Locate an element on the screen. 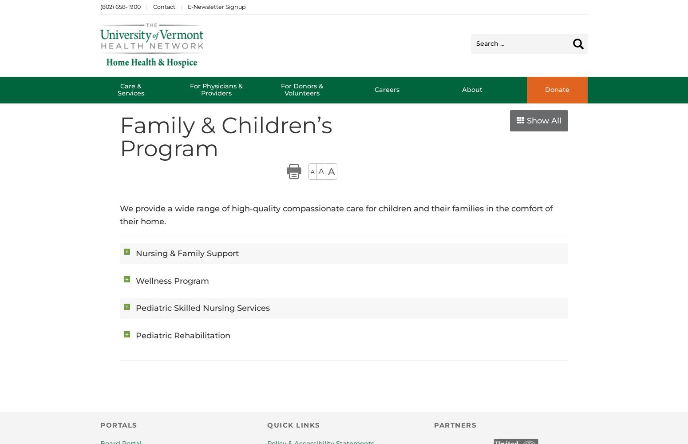 The width and height of the screenshot is (688, 444). 'We provide a wide range of high-quality compassionate care for children and their families in the comfort of their home.' is located at coordinates (336, 214).